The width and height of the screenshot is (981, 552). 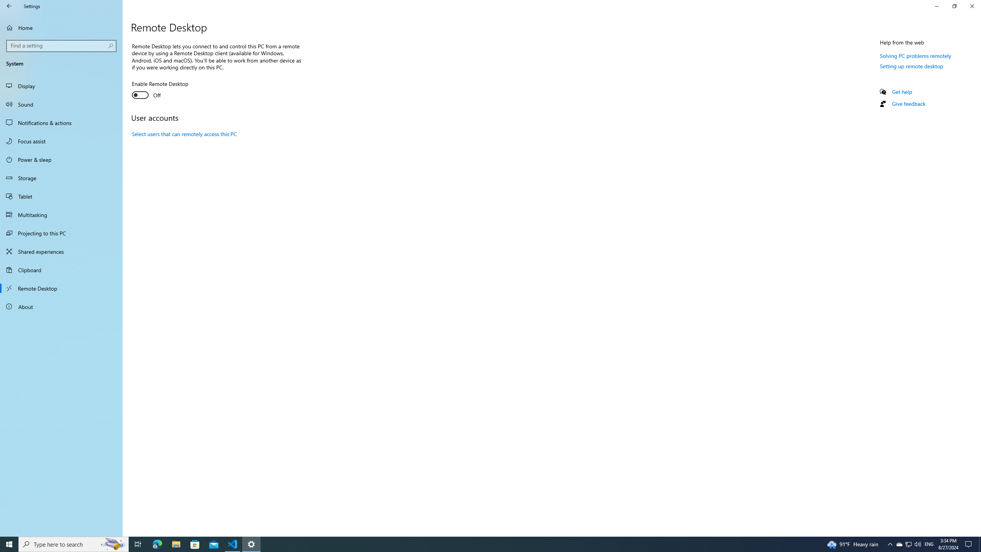 I want to click on 'Settings - 1 running window', so click(x=251, y=544).